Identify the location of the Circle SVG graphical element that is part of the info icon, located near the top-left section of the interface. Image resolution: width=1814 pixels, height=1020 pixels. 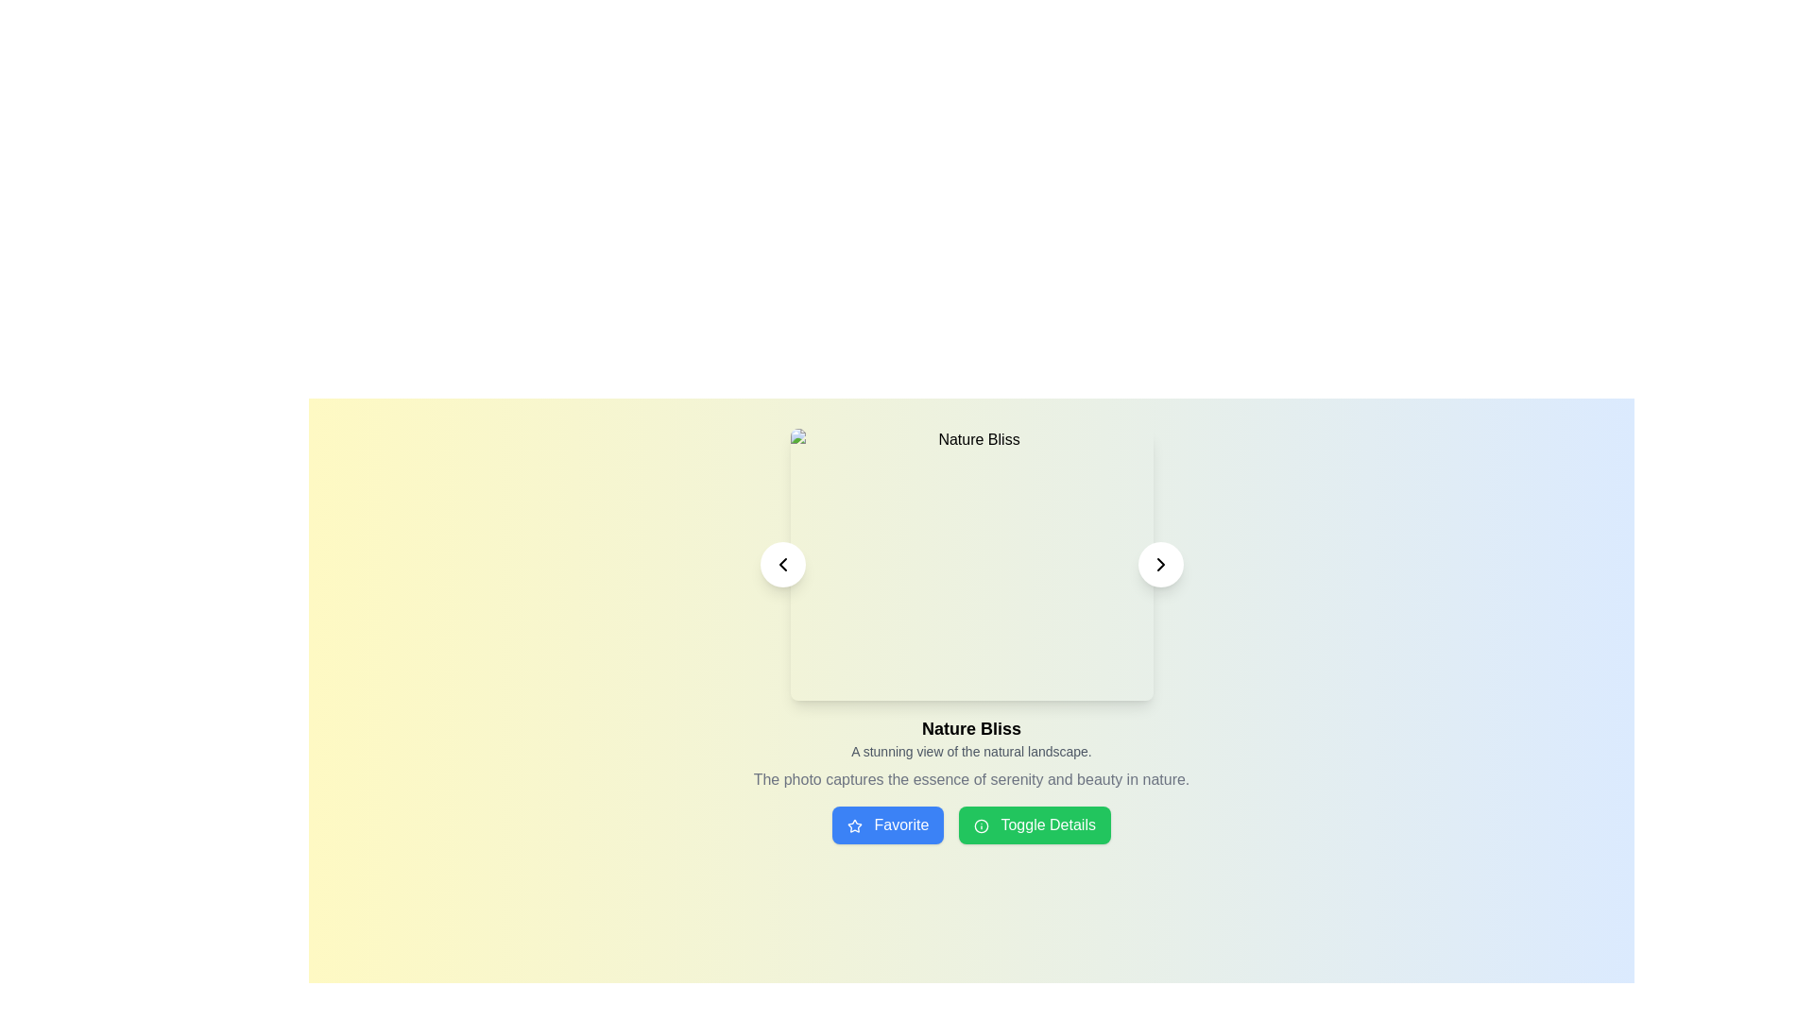
(982, 824).